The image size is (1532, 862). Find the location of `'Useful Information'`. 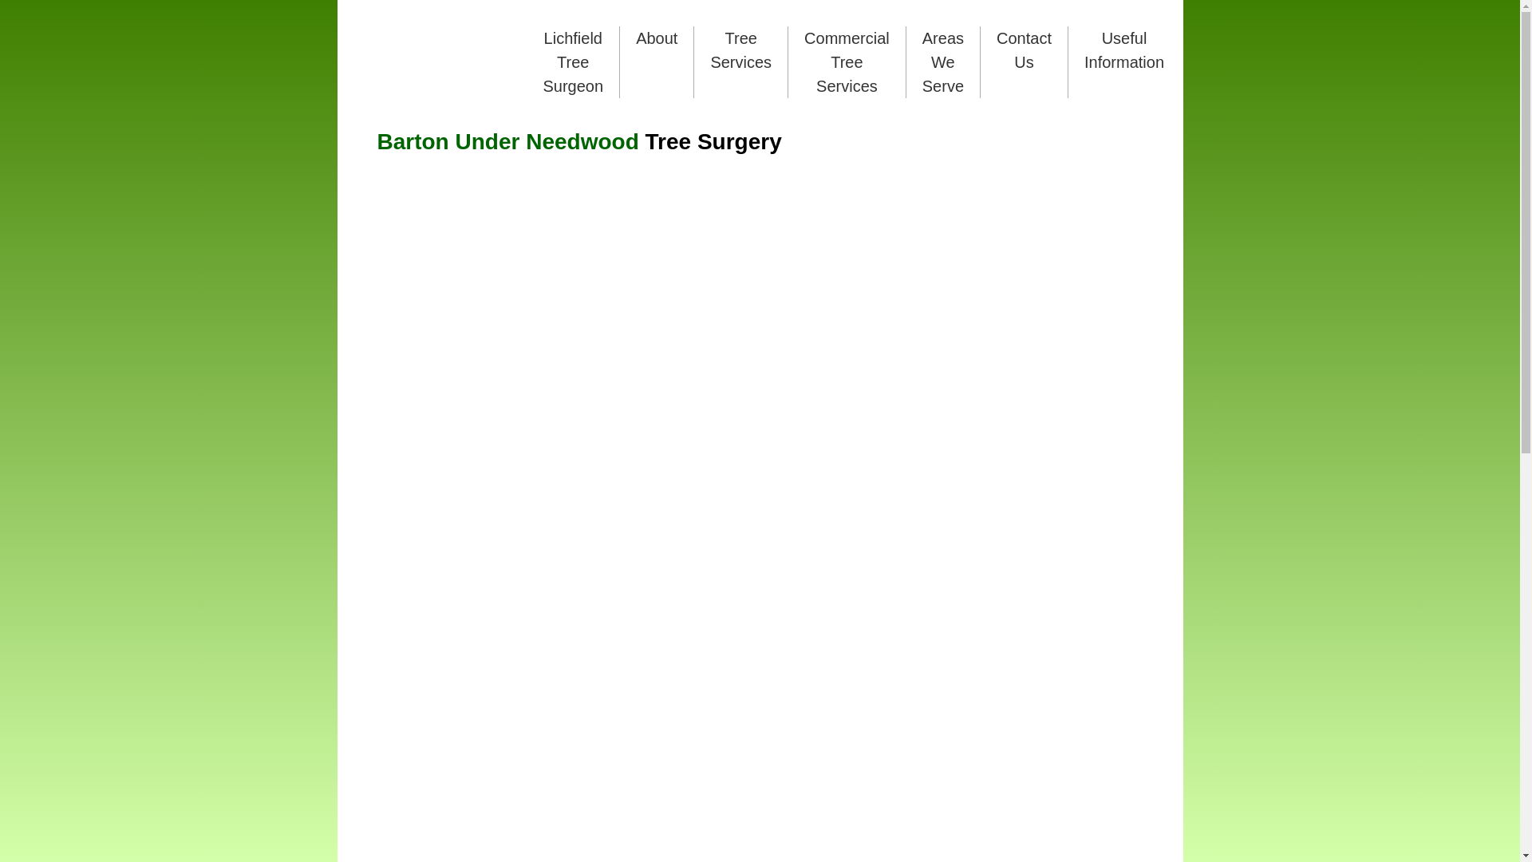

'Useful Information' is located at coordinates (1123, 49).